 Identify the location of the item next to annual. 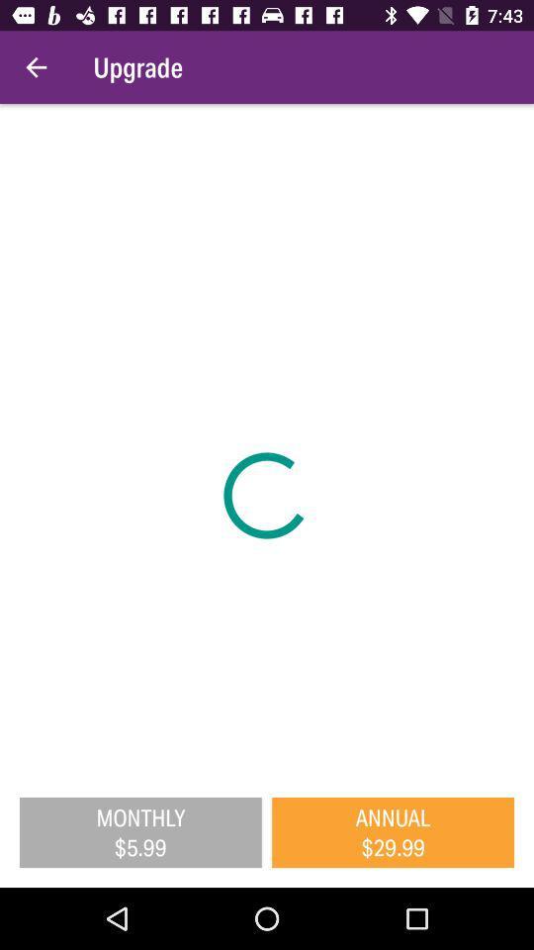
(139, 831).